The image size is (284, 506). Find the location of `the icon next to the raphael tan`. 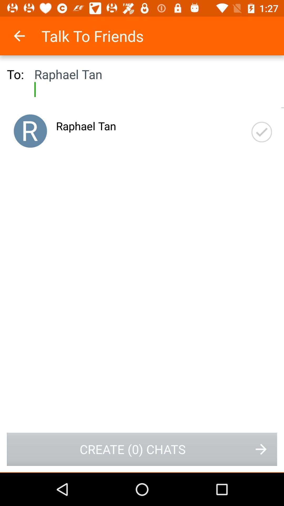

the icon next to the raphael tan is located at coordinates (262, 132).